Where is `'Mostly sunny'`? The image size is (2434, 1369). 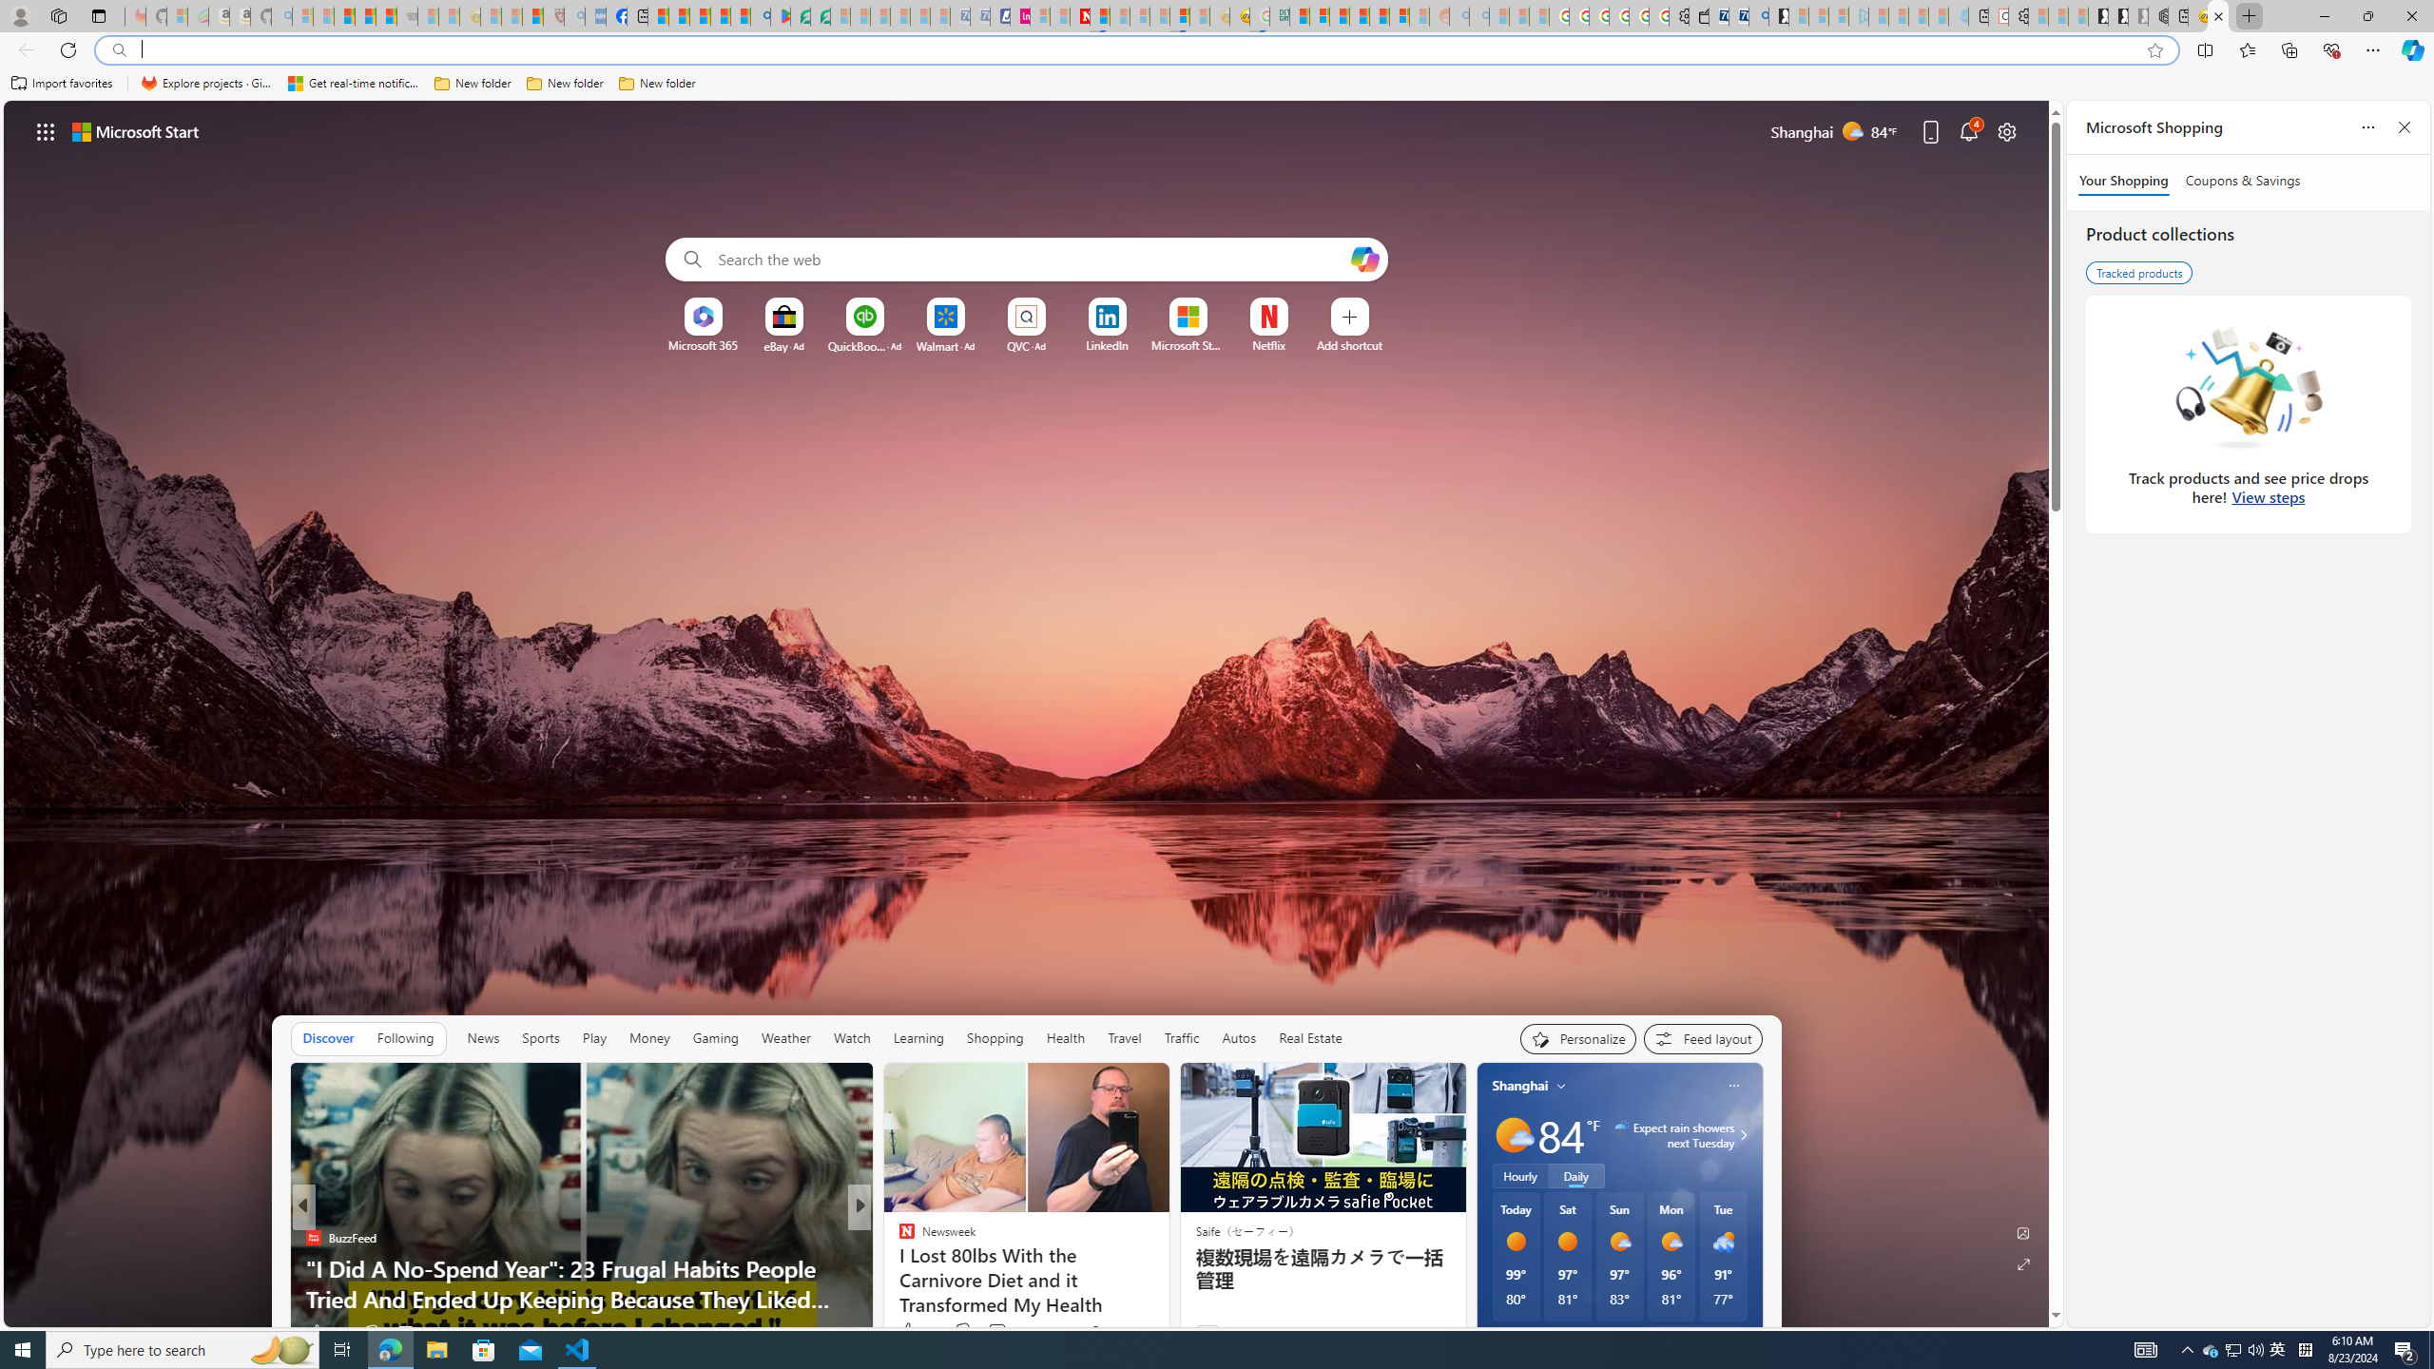
'Mostly sunny' is located at coordinates (1670, 1241).